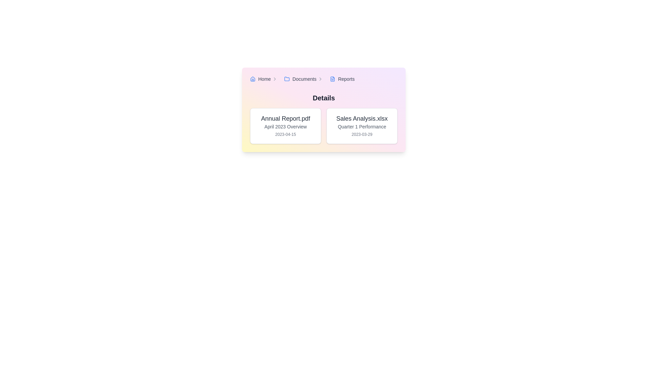 This screenshot has height=365, width=649. What do you see at coordinates (285, 126) in the screenshot?
I see `details displayed on the Card-style List Item that represents a document, positioned to the left of the 'Sales Analysis.xlsx' card in the 'Details' section` at bounding box center [285, 126].